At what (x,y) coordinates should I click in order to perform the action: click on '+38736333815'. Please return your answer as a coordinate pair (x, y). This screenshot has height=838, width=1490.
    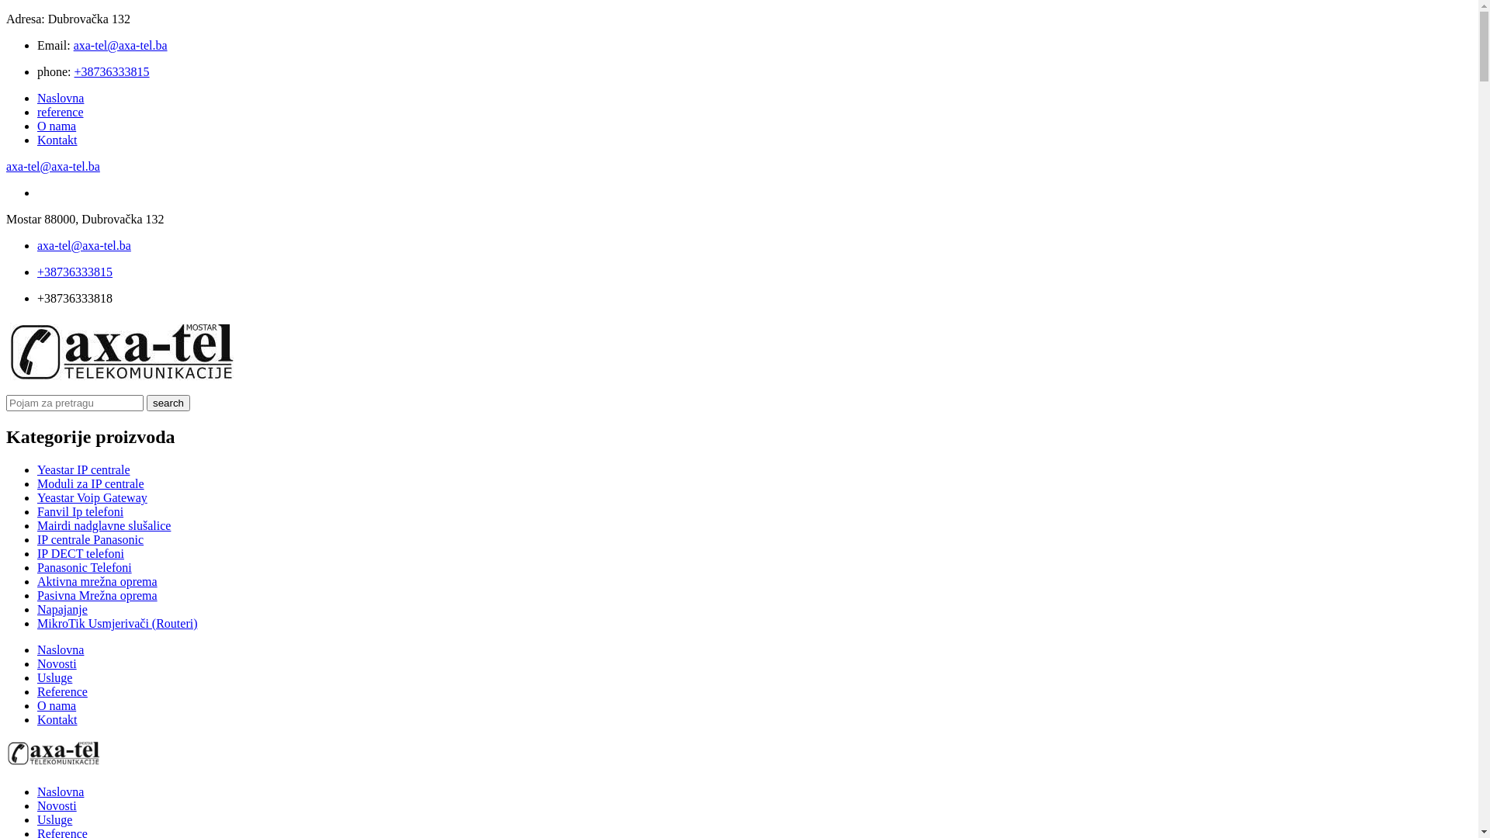
    Looking at the image, I should click on (74, 71).